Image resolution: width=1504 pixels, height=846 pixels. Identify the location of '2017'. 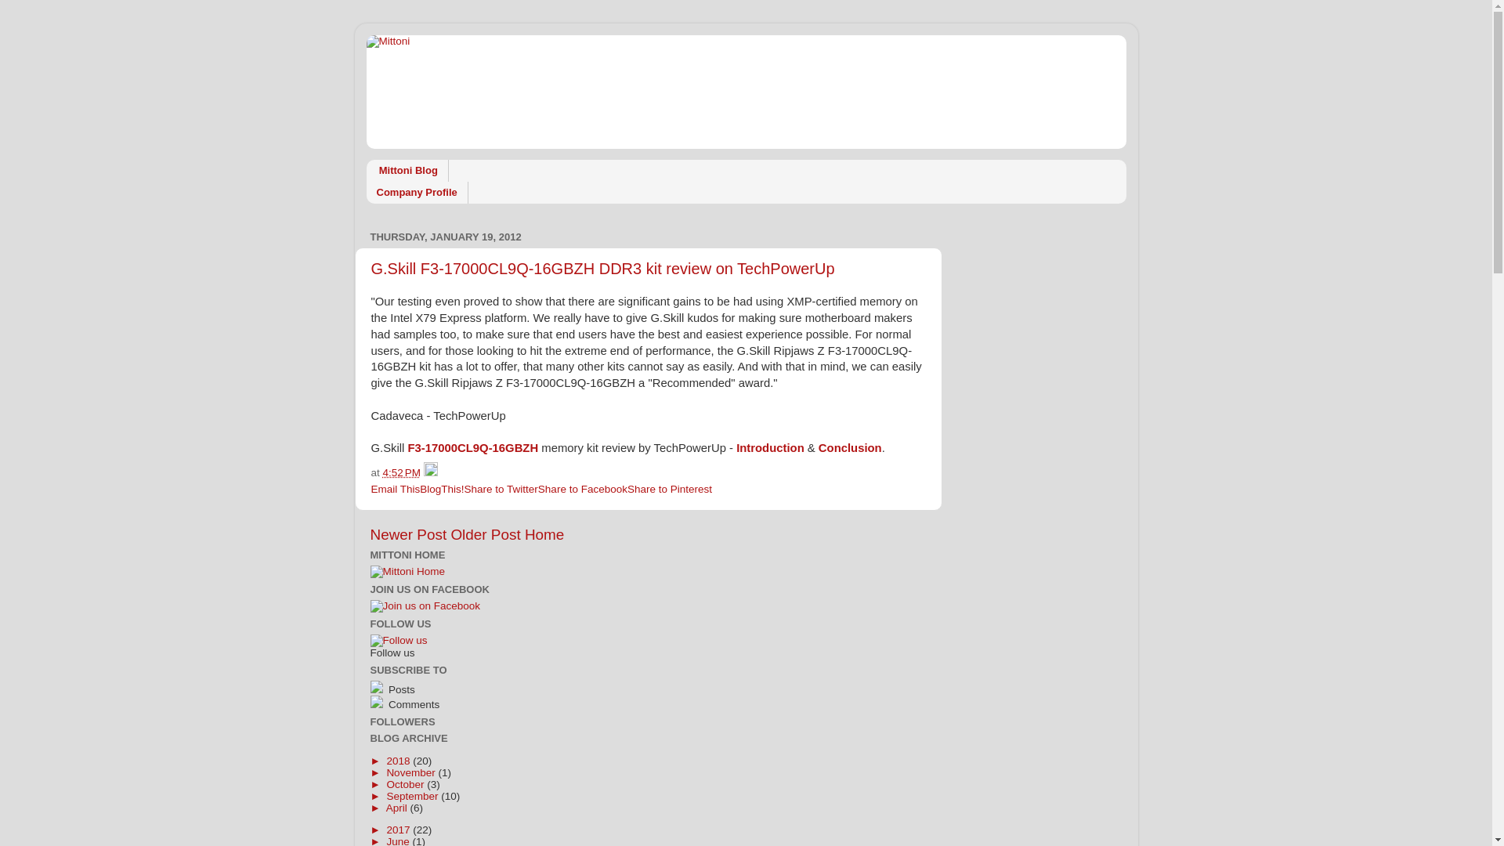
(399, 829).